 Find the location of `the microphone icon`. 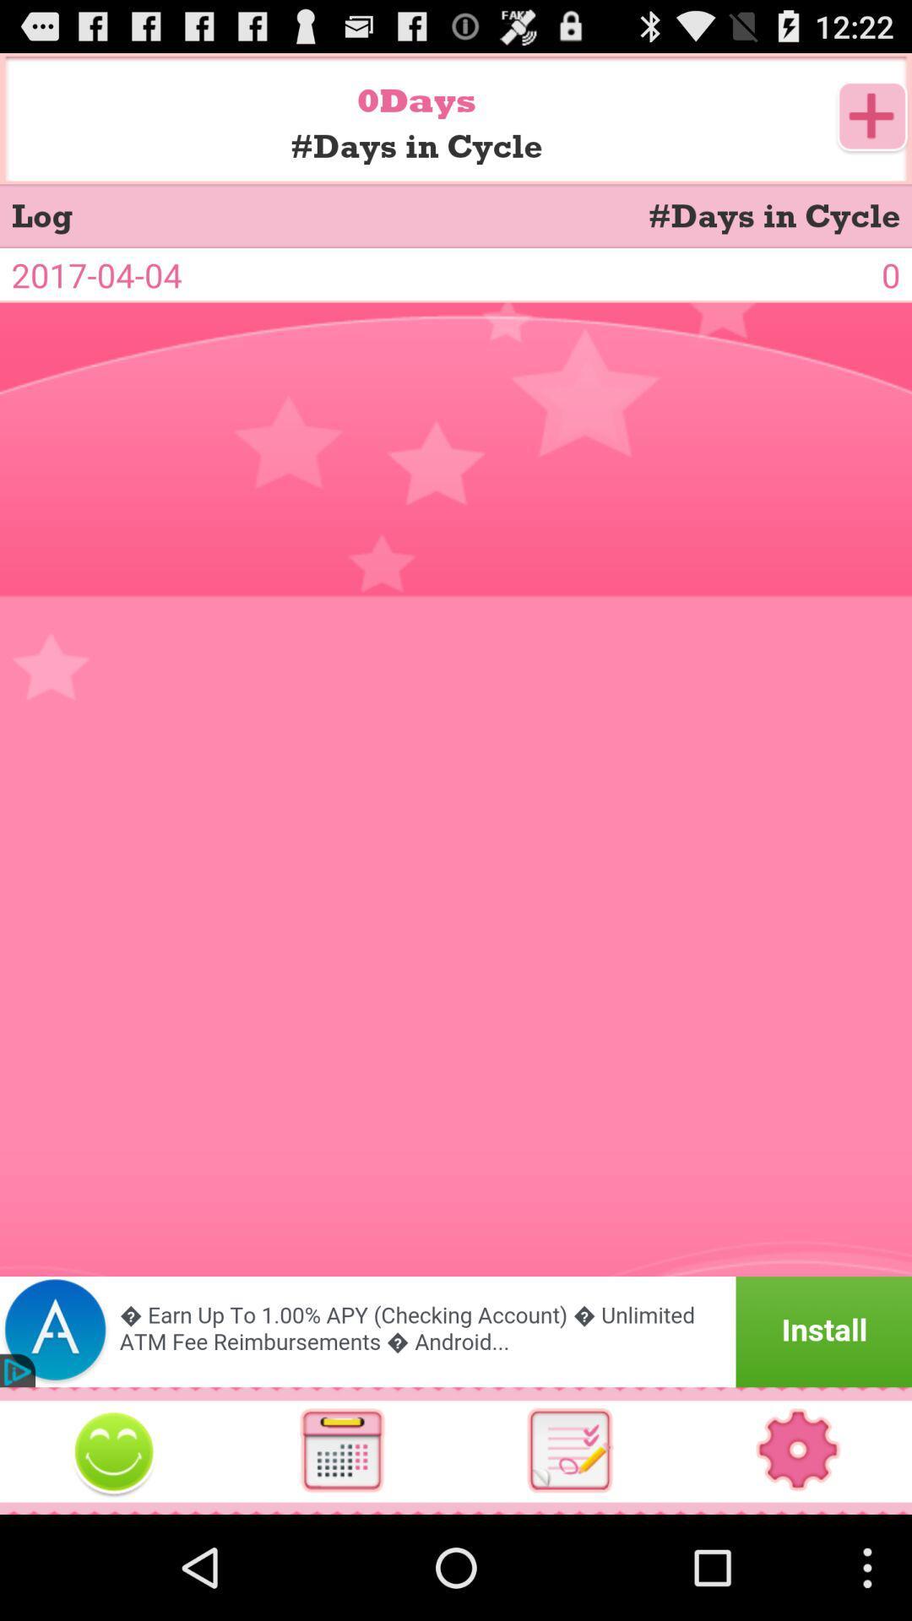

the microphone icon is located at coordinates (114, 1553).